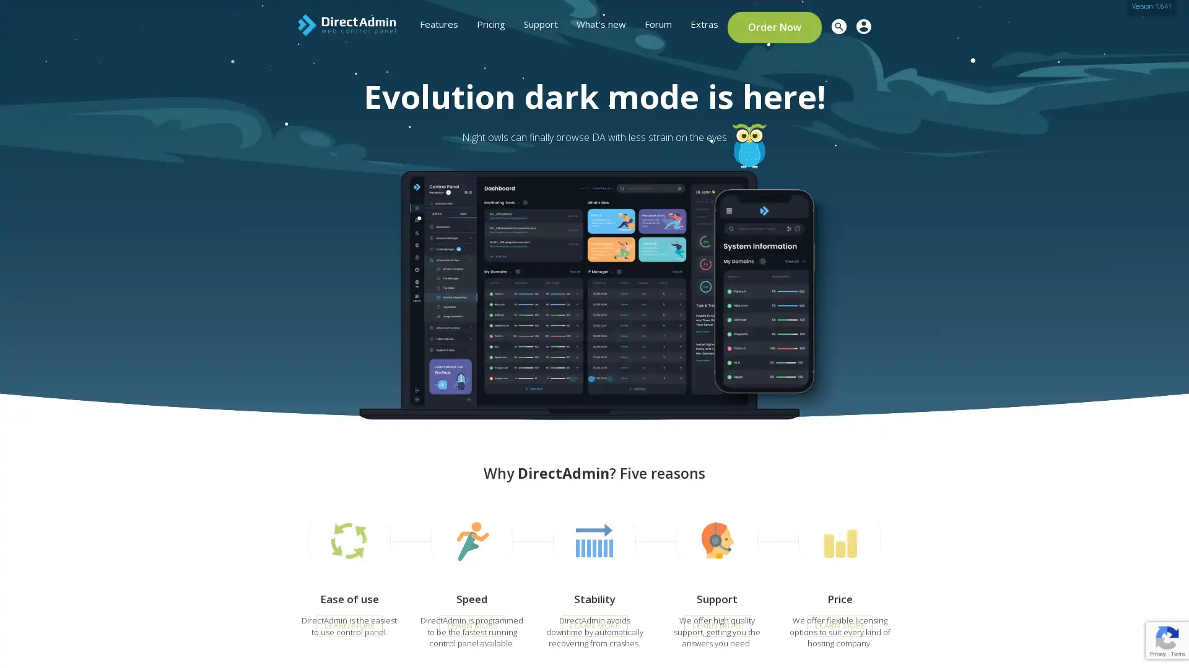  What do you see at coordinates (279, 285) in the screenshot?
I see `See more` at bounding box center [279, 285].